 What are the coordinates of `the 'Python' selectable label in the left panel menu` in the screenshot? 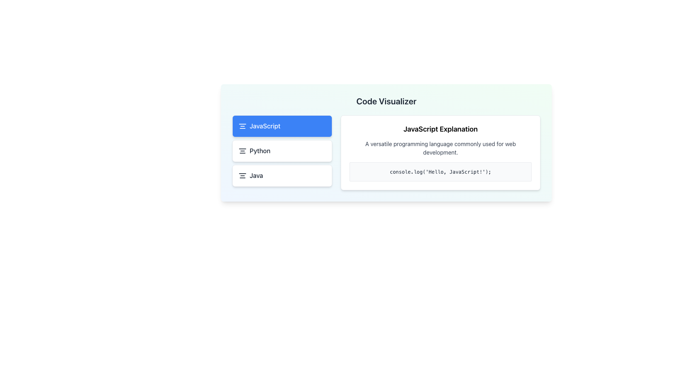 It's located at (260, 151).